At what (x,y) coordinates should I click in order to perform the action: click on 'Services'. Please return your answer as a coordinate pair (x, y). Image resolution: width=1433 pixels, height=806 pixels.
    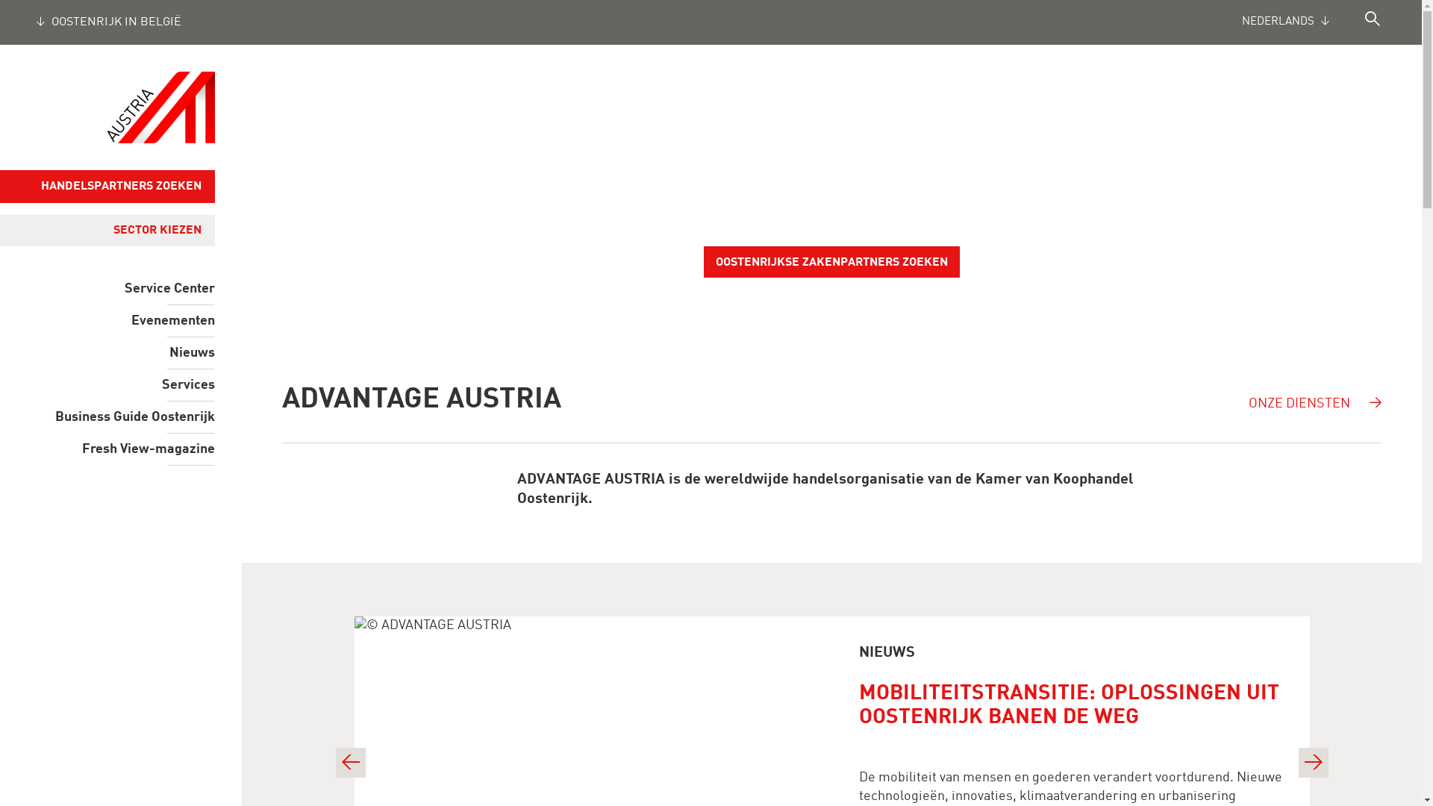
    Looking at the image, I should click on (107, 384).